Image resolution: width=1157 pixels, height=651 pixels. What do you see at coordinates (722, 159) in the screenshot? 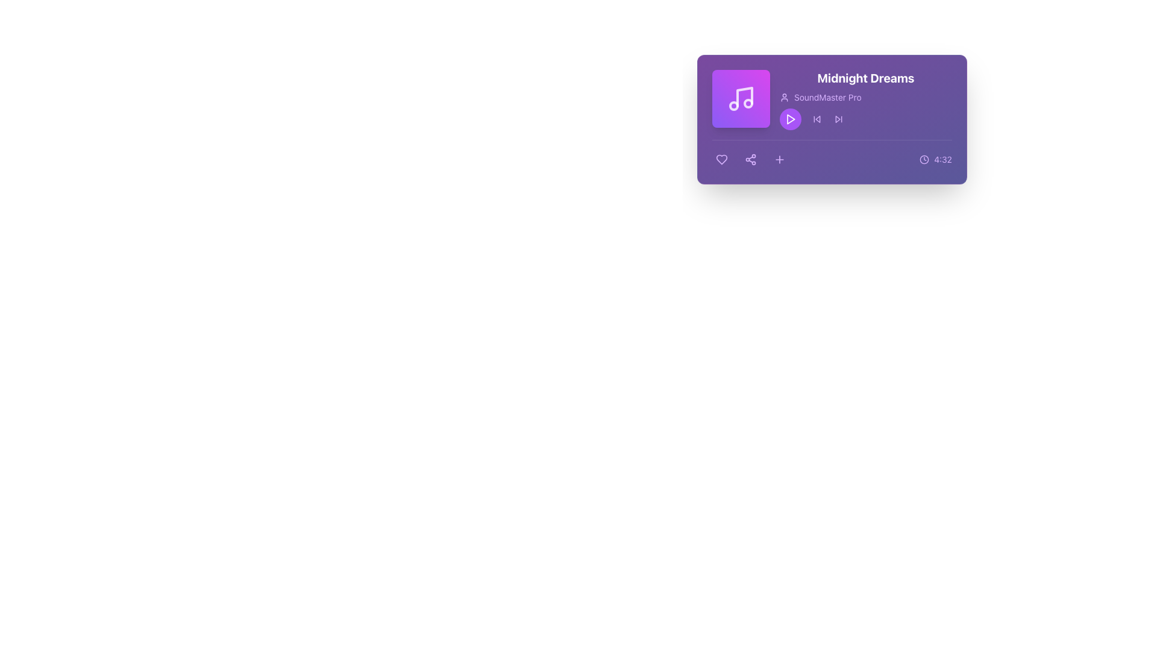
I see `the heart-shaped icon with a purple fill located in the bottom-left corner of the card interface` at bounding box center [722, 159].